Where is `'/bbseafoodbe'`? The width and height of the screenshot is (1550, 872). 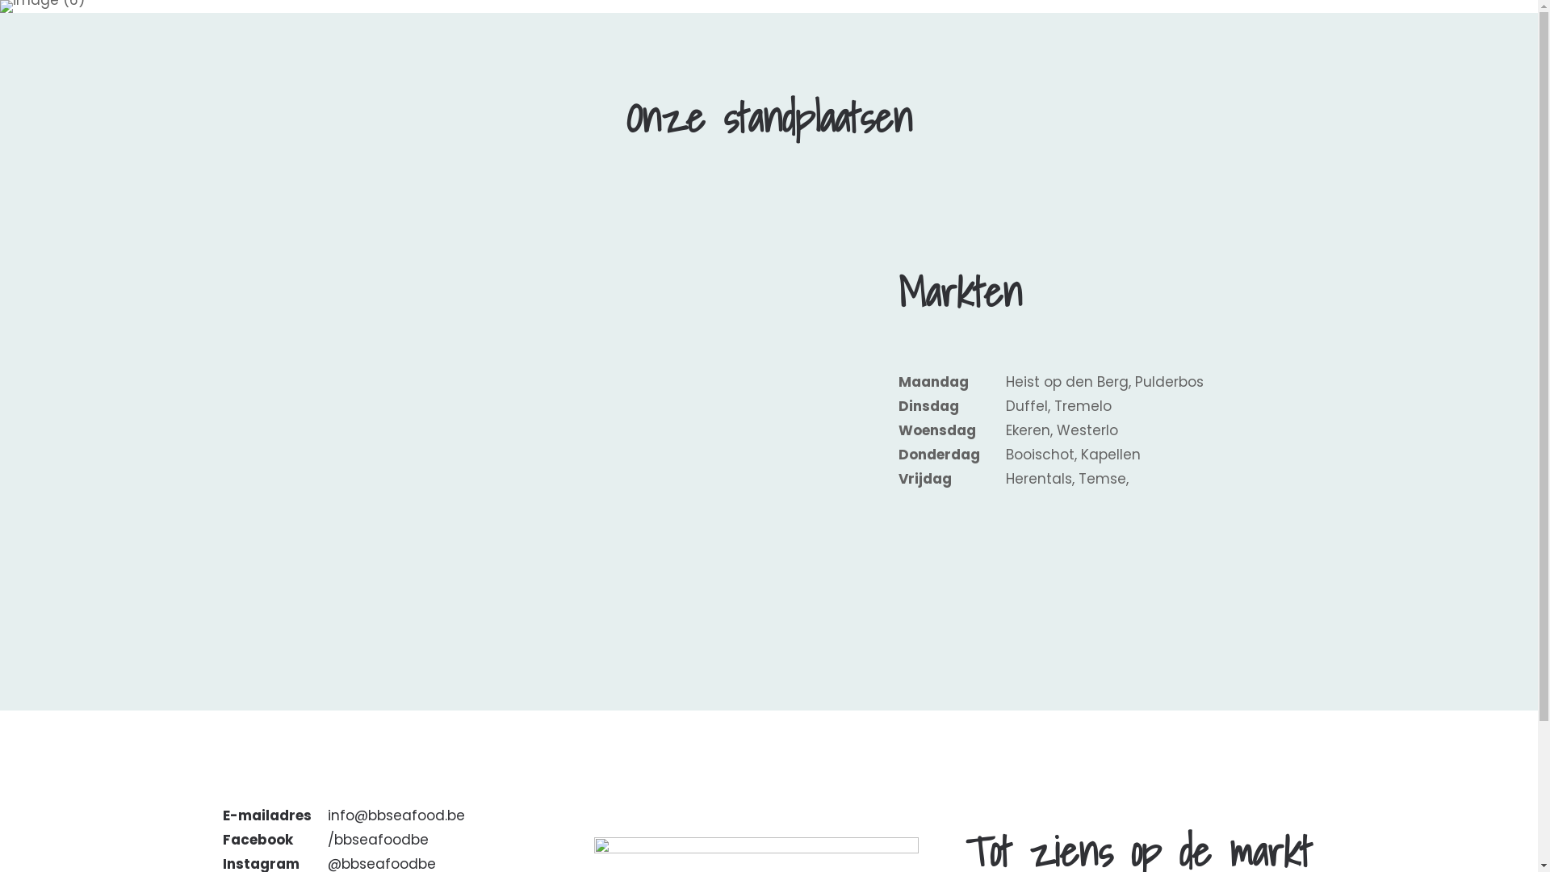 '/bbseafoodbe' is located at coordinates (377, 839).